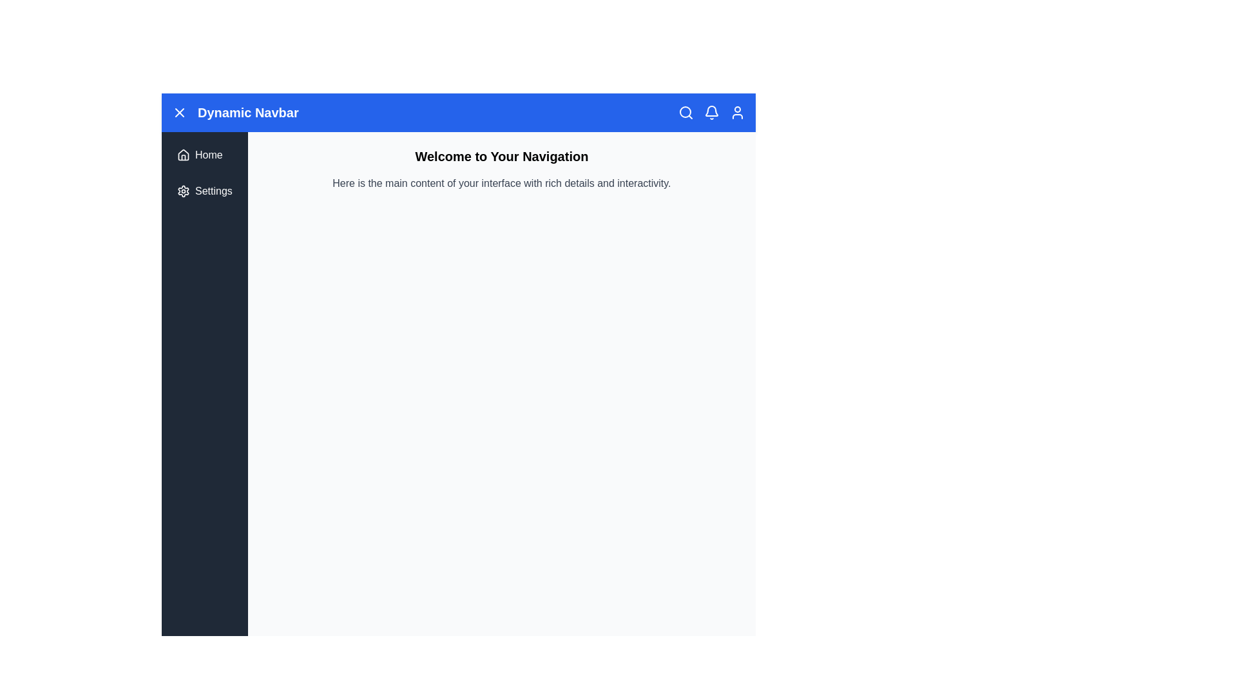 This screenshot has height=696, width=1237. I want to click on the circular SVG graphic element located on the navigation bar at the far right, so click(685, 111).